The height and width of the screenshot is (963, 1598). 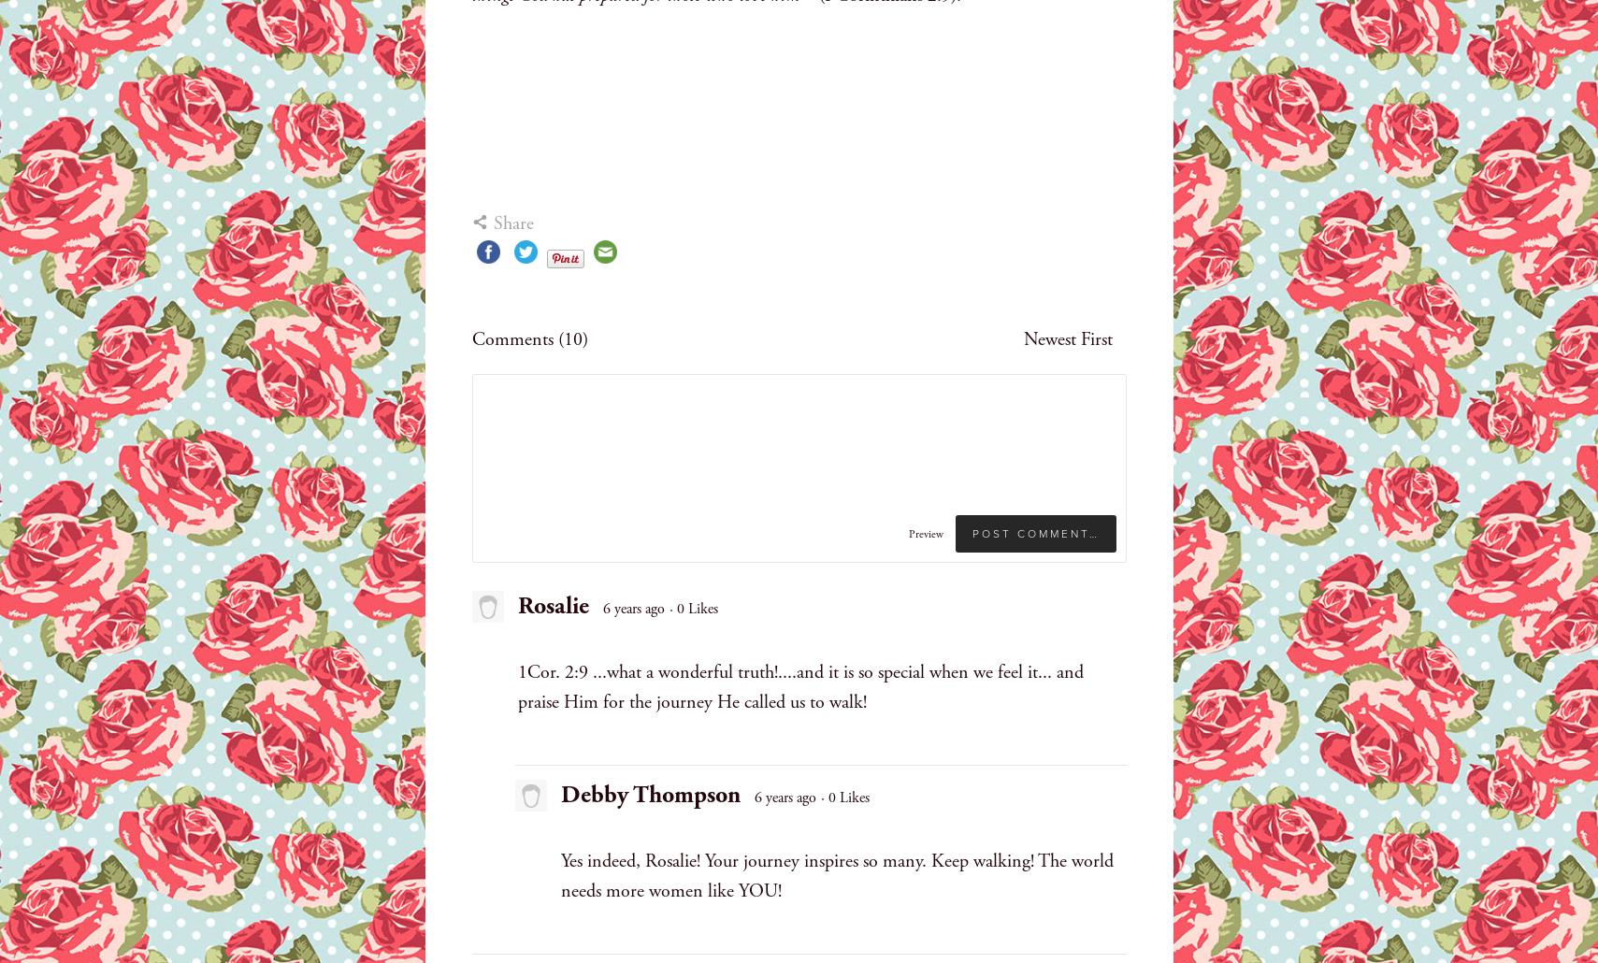 I want to click on 'Comments (10)', so click(x=528, y=338).